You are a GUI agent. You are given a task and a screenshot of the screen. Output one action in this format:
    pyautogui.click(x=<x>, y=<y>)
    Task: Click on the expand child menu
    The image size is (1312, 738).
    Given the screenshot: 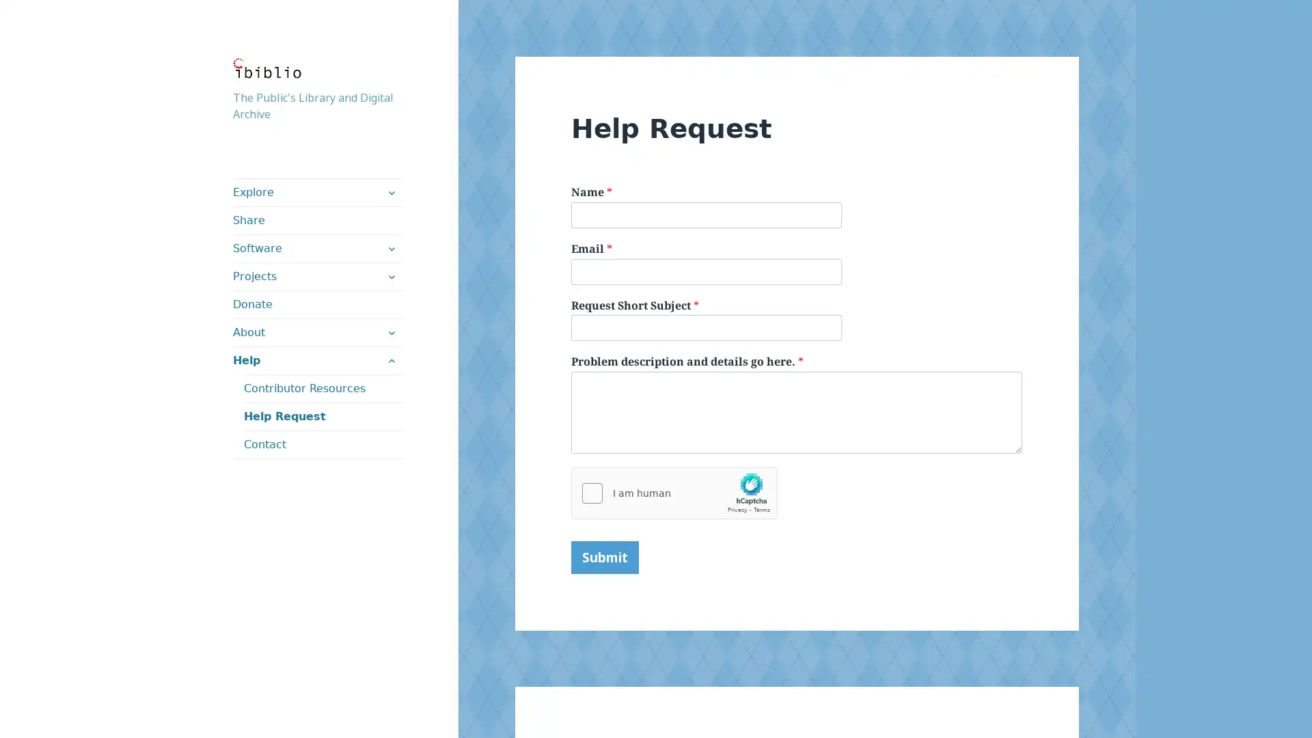 What is the action you would take?
    pyautogui.click(x=389, y=332)
    